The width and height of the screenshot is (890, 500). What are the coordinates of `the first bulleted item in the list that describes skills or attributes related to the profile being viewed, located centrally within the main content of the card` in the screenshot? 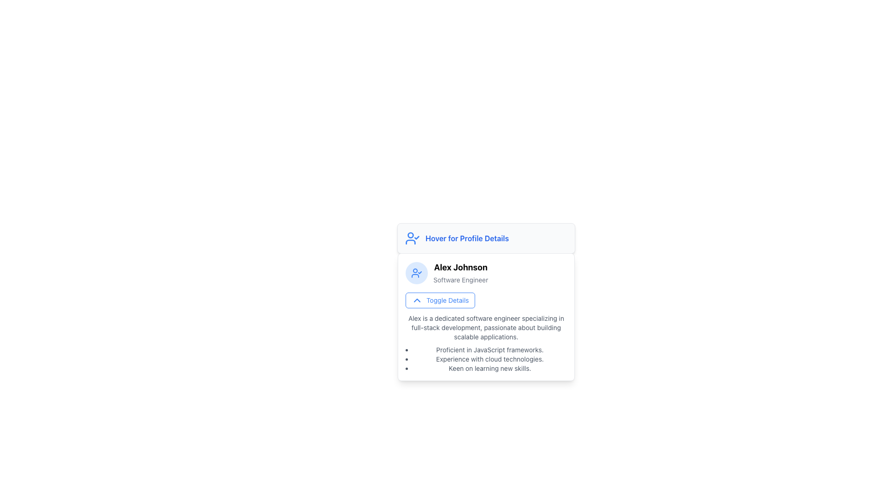 It's located at (489, 350).